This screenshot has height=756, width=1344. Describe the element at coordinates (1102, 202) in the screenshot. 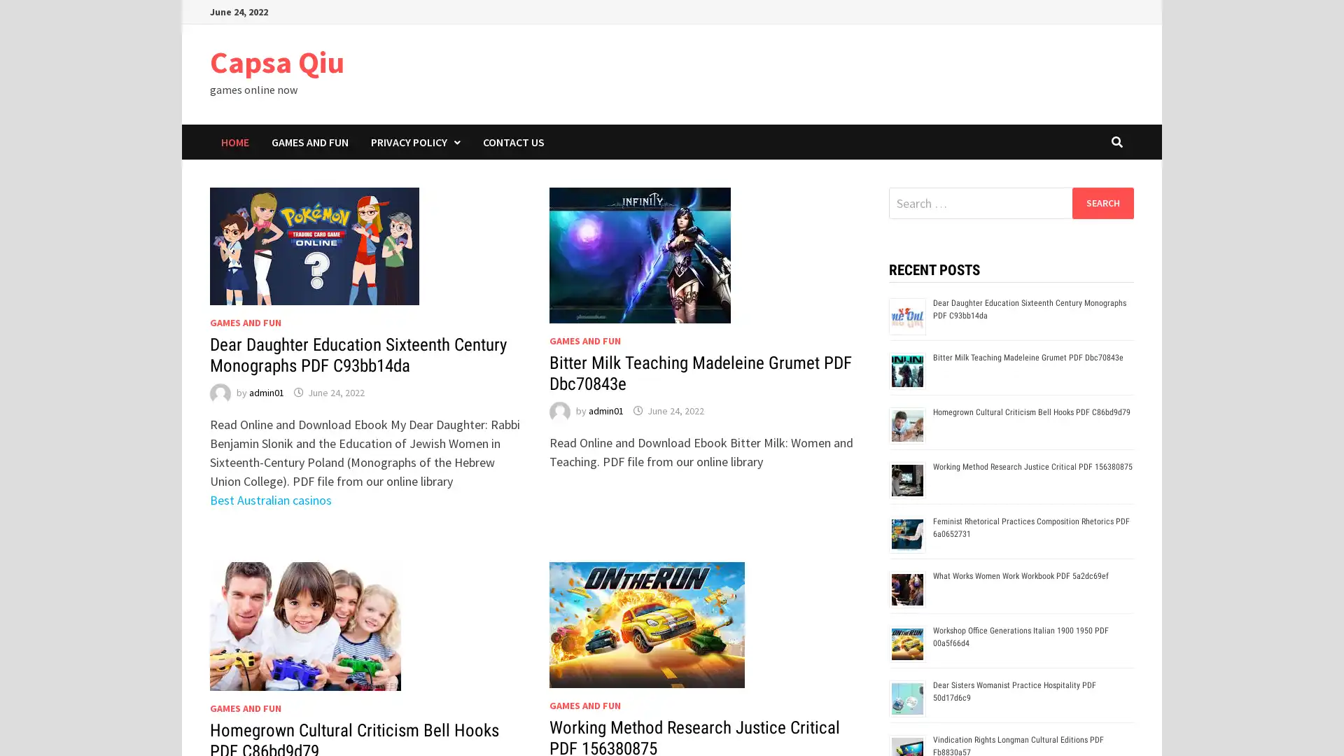

I see `Search` at that location.